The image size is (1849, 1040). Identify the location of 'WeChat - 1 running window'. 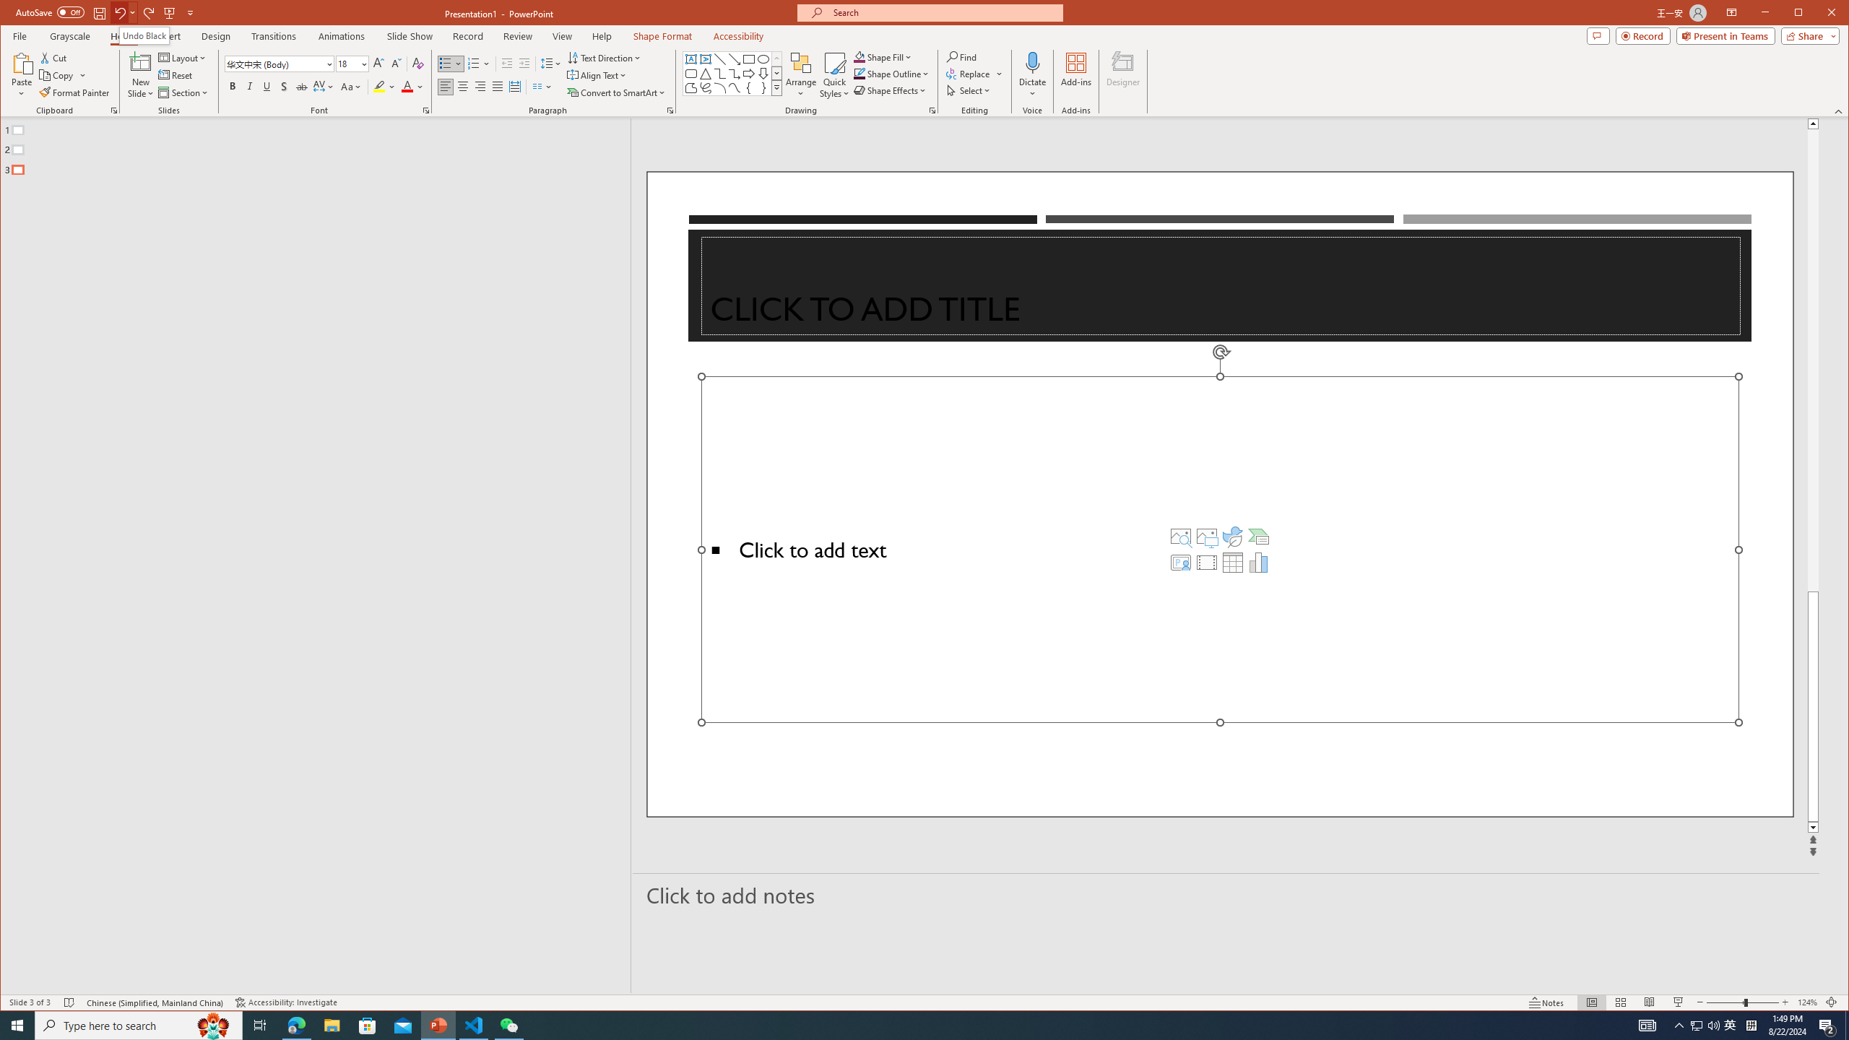
(509, 1024).